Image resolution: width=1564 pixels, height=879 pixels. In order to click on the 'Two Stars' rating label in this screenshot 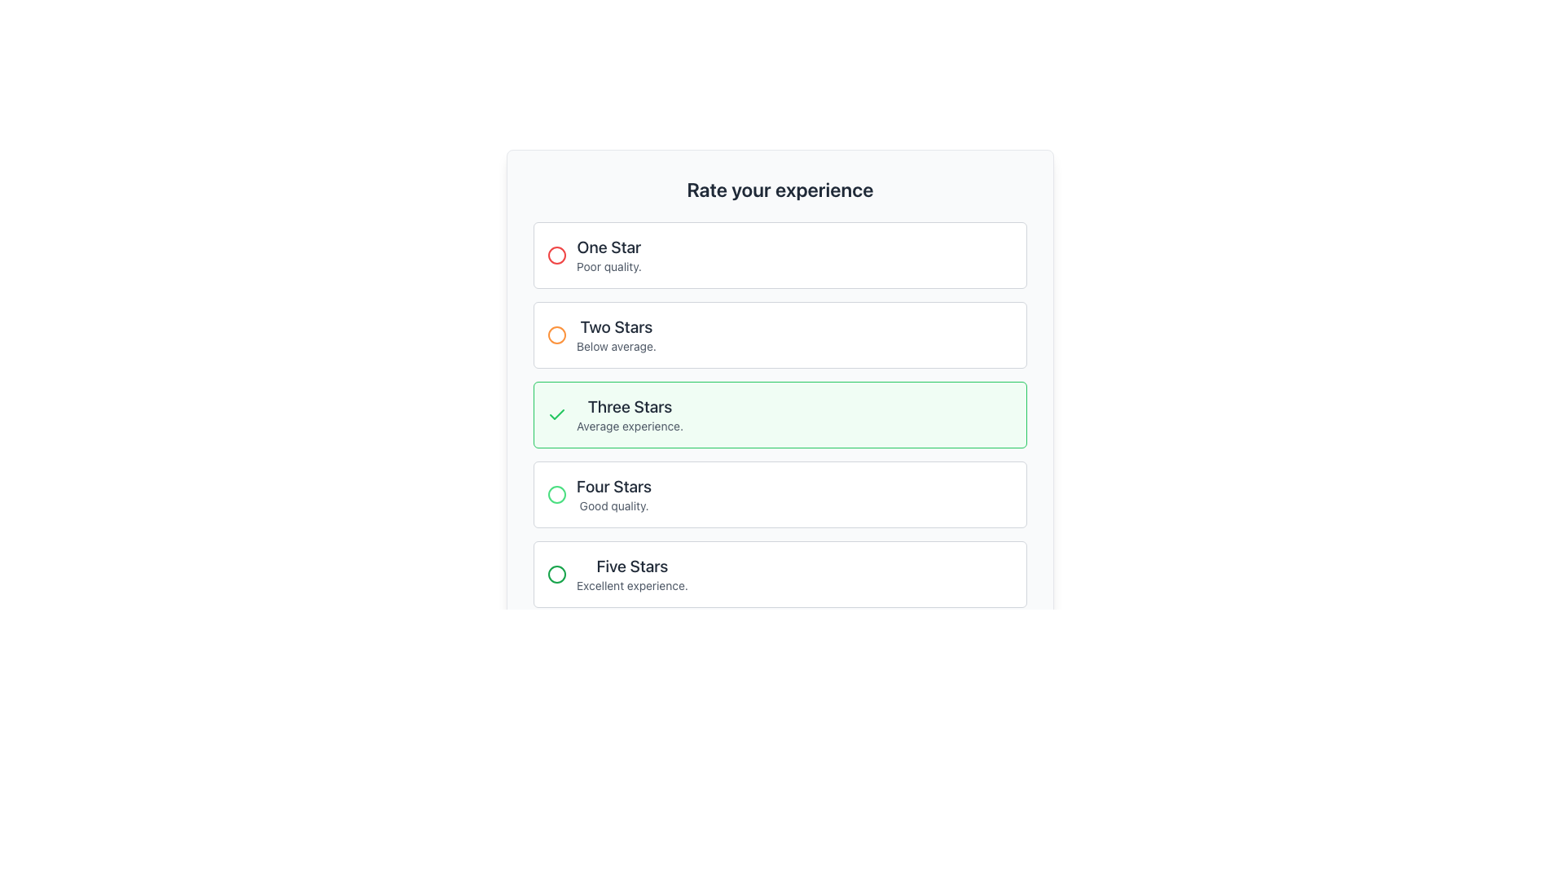, I will do `click(616, 326)`.